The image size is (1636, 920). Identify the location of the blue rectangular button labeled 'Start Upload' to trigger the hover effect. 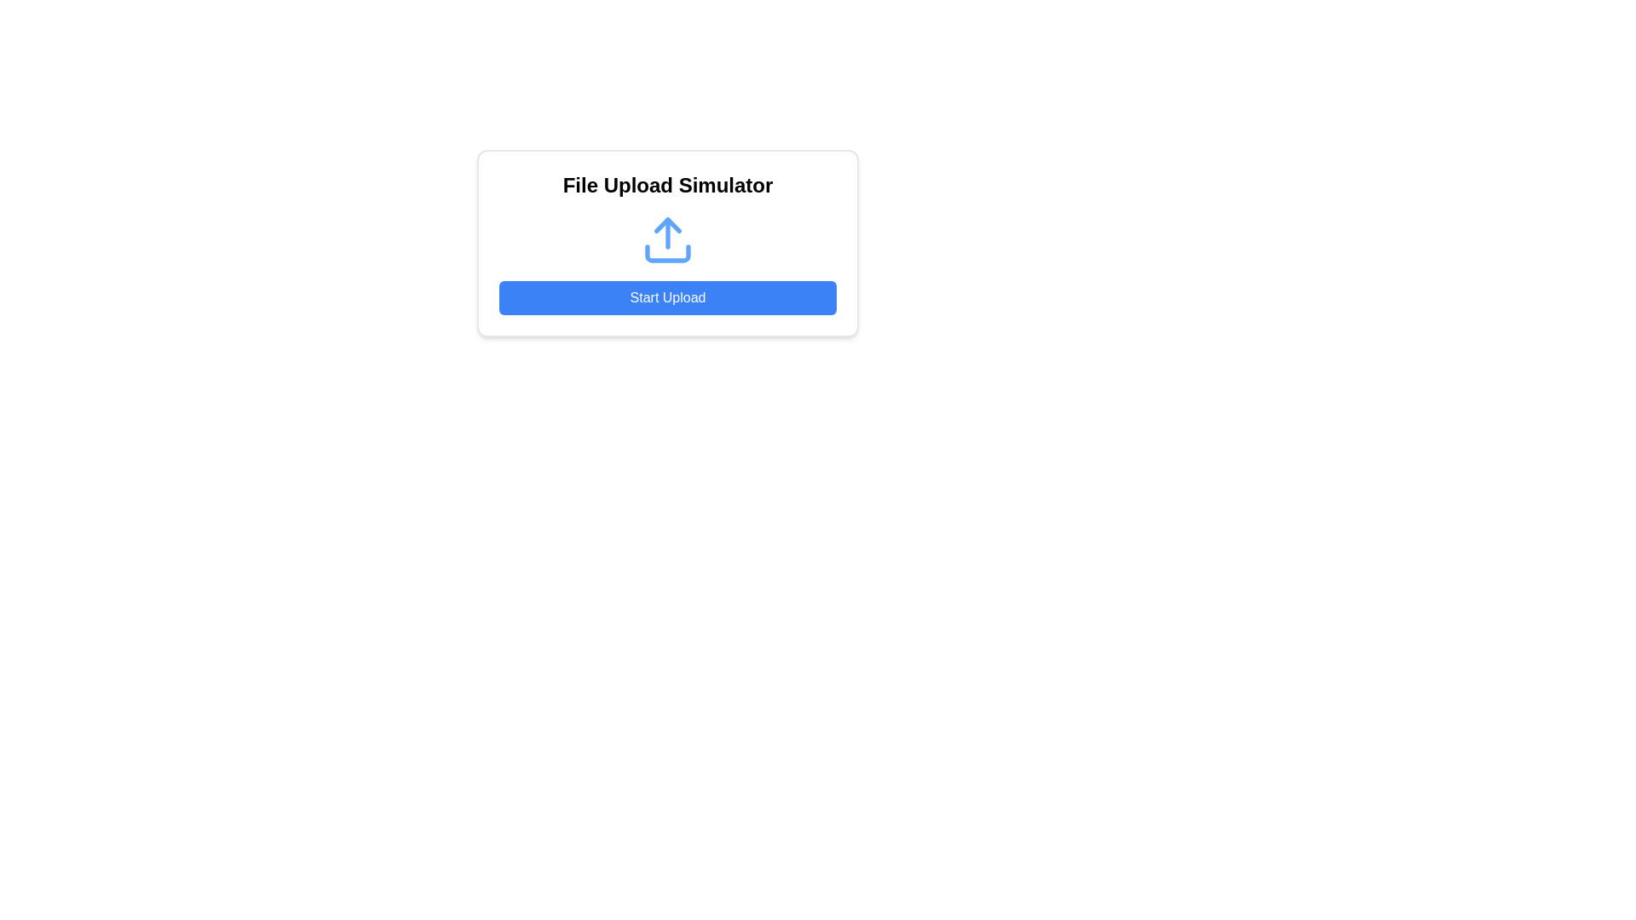
(666, 297).